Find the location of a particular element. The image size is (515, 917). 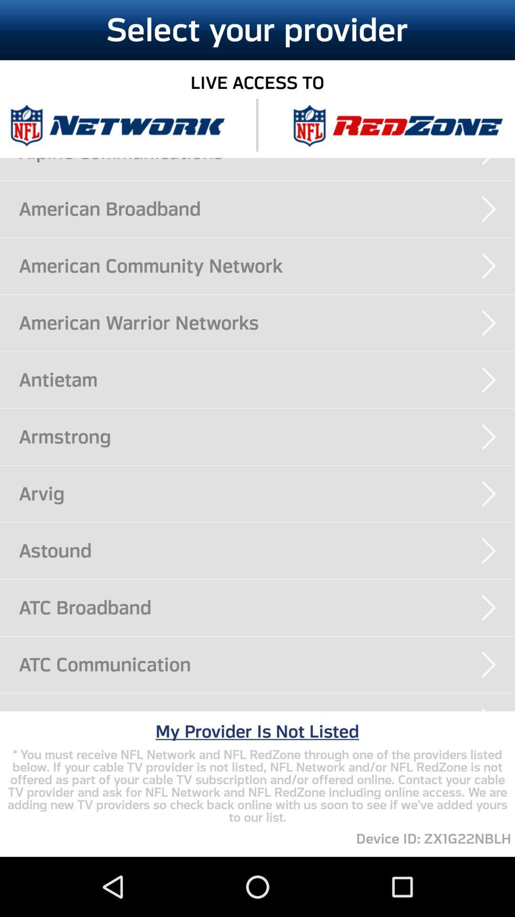

atc communication is located at coordinates (267, 664).